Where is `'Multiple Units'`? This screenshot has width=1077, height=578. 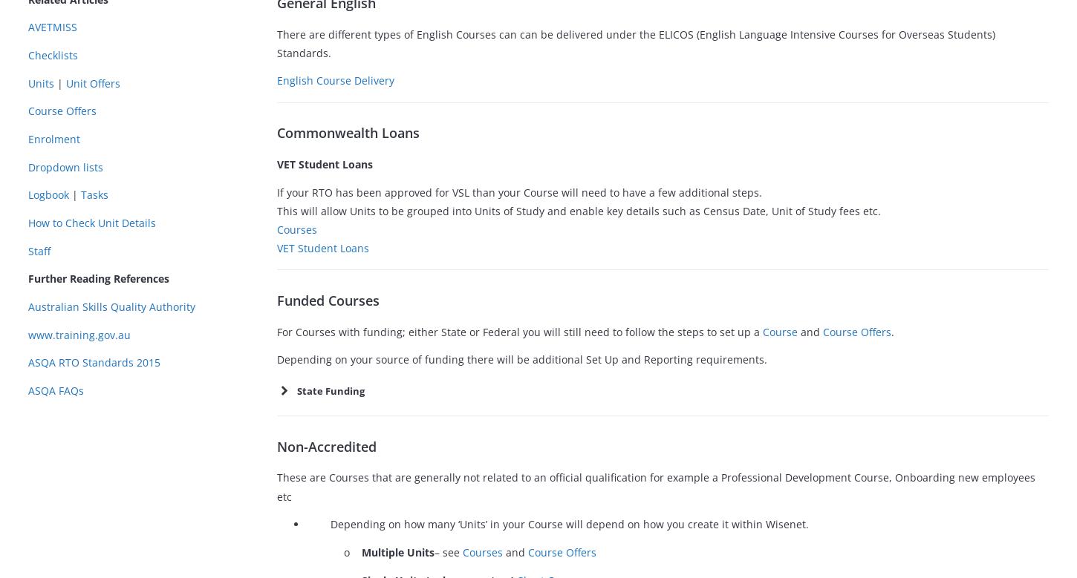
'Multiple Units' is located at coordinates (362, 551).